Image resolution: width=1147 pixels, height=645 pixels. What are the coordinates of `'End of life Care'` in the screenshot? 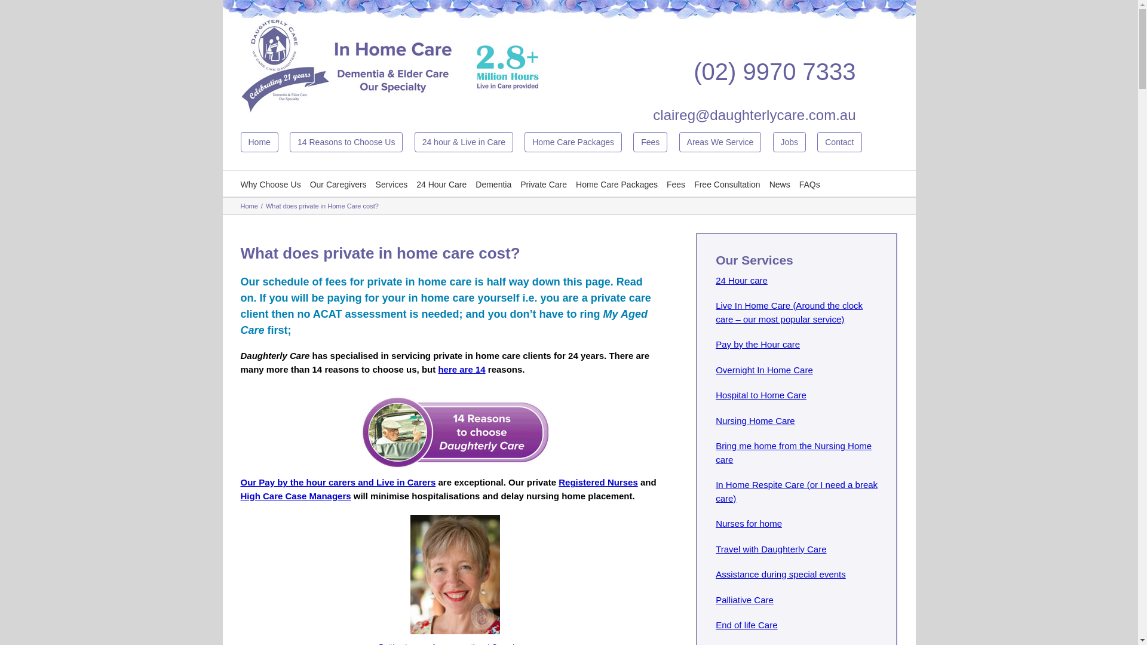 It's located at (746, 624).